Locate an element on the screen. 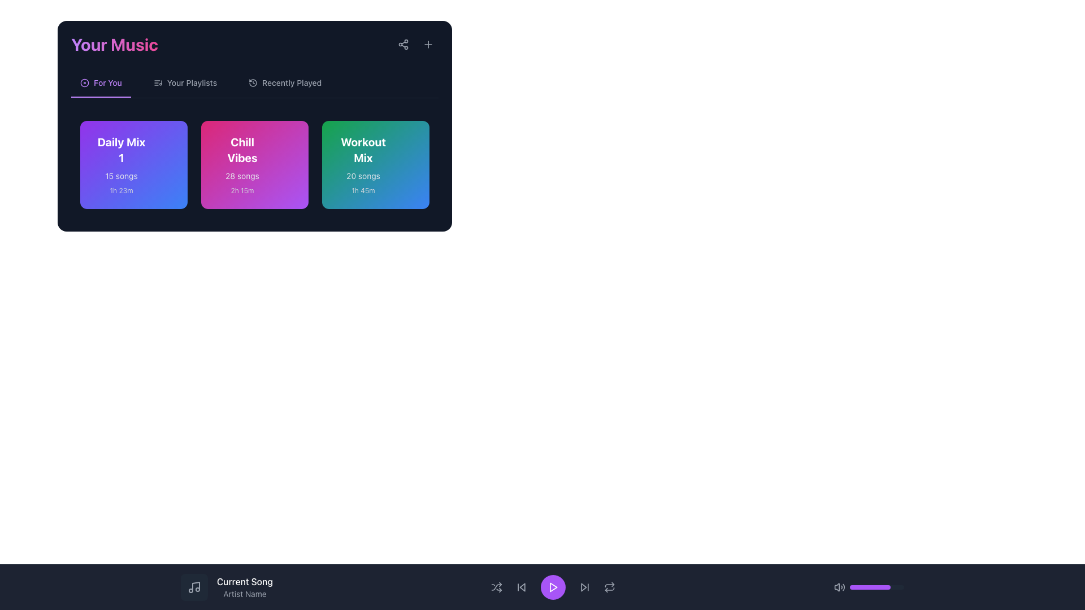  the 'Chill Vibes' playlist item is located at coordinates (254, 165).